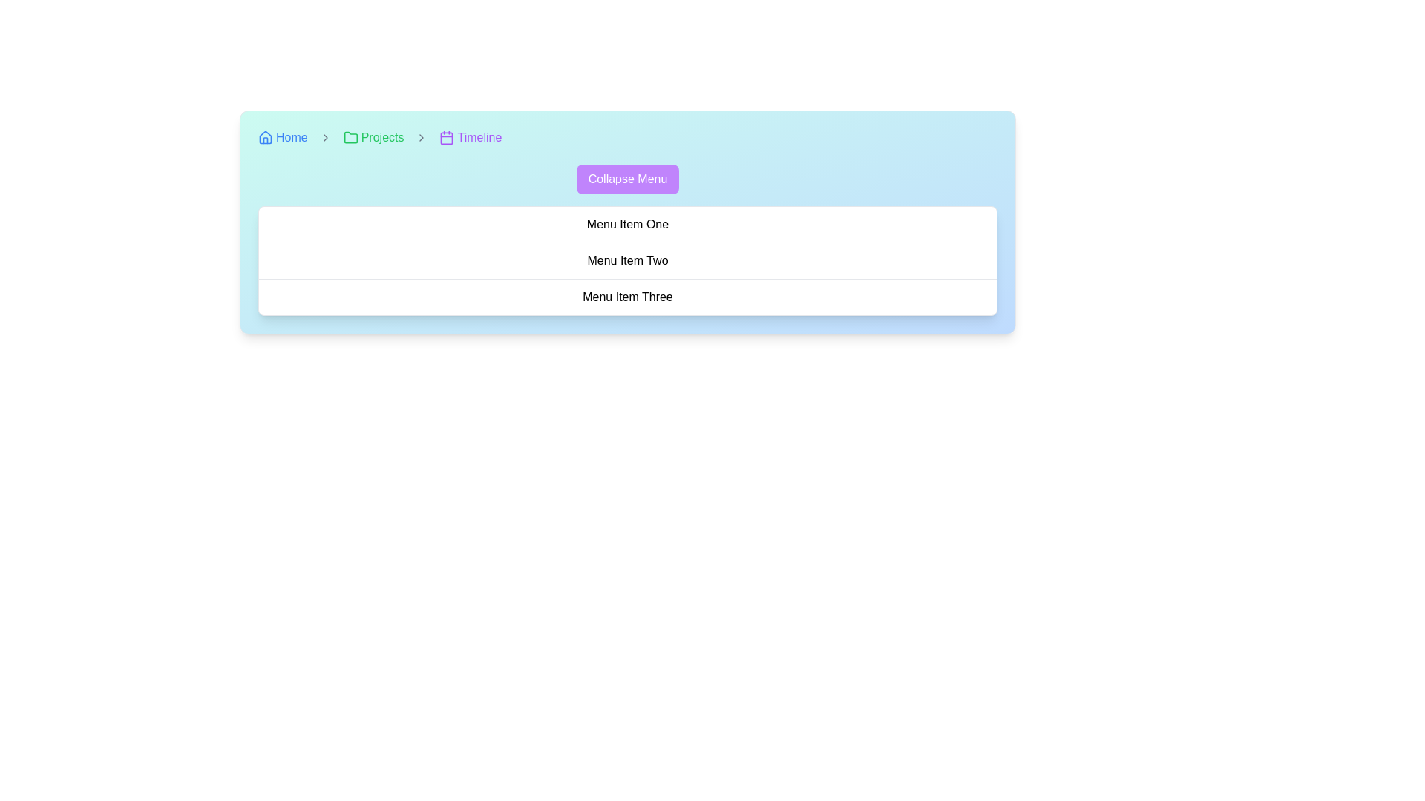  Describe the element at coordinates (470, 137) in the screenshot. I see `the 'Timeline' text label with the calendar icon located in the breadcrumbs navigation bar at the top of the page` at that location.